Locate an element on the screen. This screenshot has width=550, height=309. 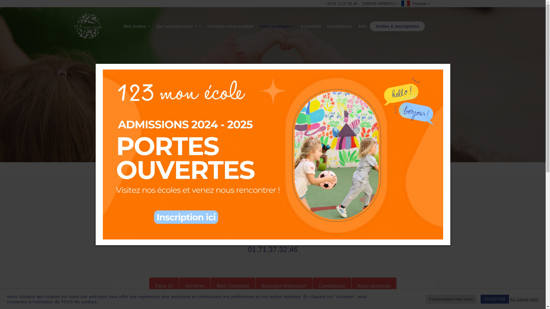
'ACCEPTER' is located at coordinates (494, 299).